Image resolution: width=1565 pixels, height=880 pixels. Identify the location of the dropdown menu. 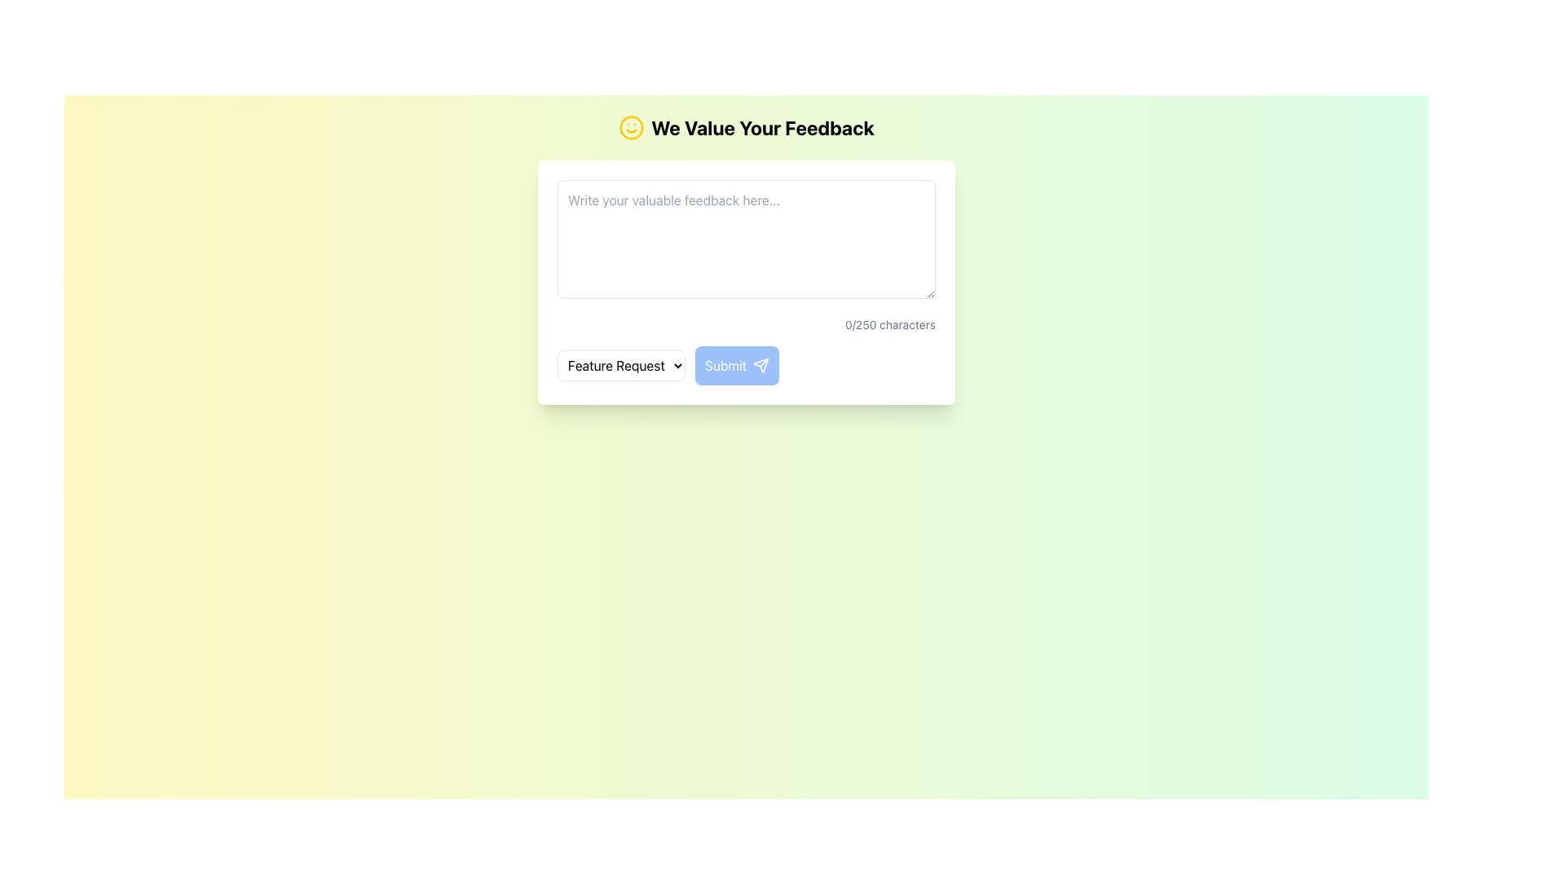
(620, 364).